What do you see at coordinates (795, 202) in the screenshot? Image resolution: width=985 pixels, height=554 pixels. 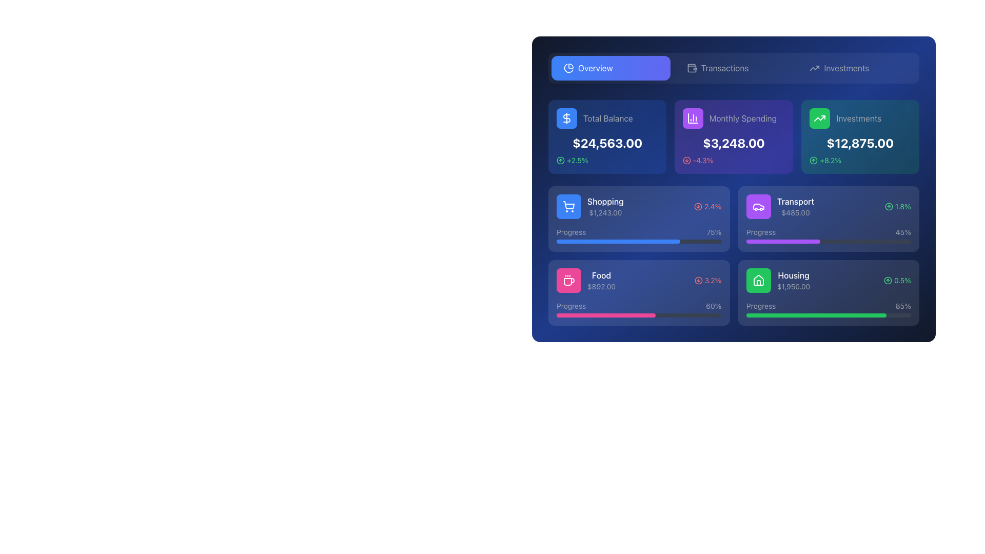 I see `the static text label 'Transport' located at the top of the purple card labeled 'Transport $485.00', which provides context for the monetary value and progress bar below it` at bounding box center [795, 202].